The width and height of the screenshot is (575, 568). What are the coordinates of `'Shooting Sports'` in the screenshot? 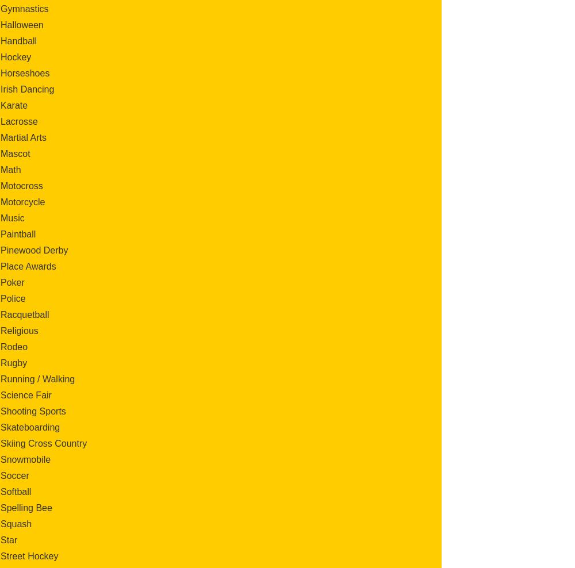 It's located at (1, 410).